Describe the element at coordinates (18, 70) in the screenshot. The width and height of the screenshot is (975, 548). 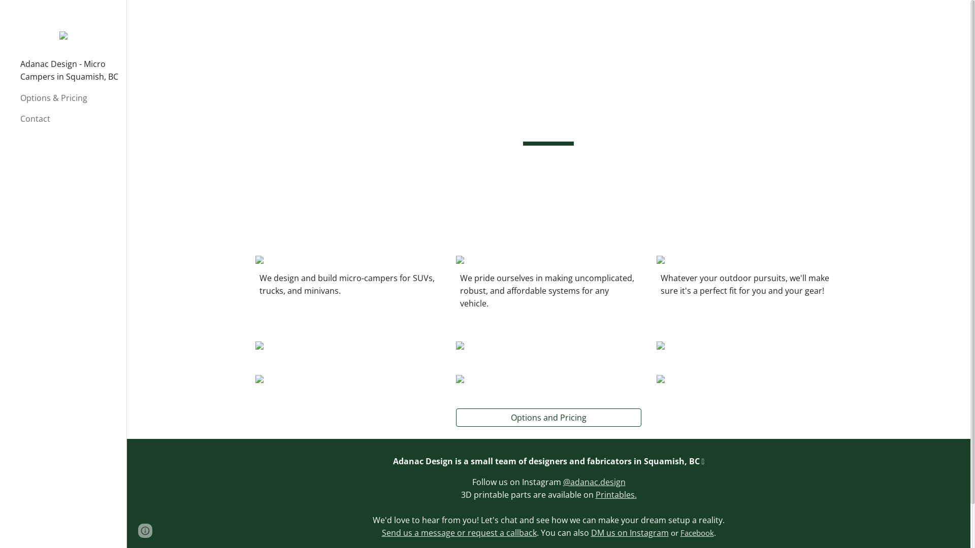
I see `'Adanac Design - Micro Campers in Squamish, BC'` at that location.